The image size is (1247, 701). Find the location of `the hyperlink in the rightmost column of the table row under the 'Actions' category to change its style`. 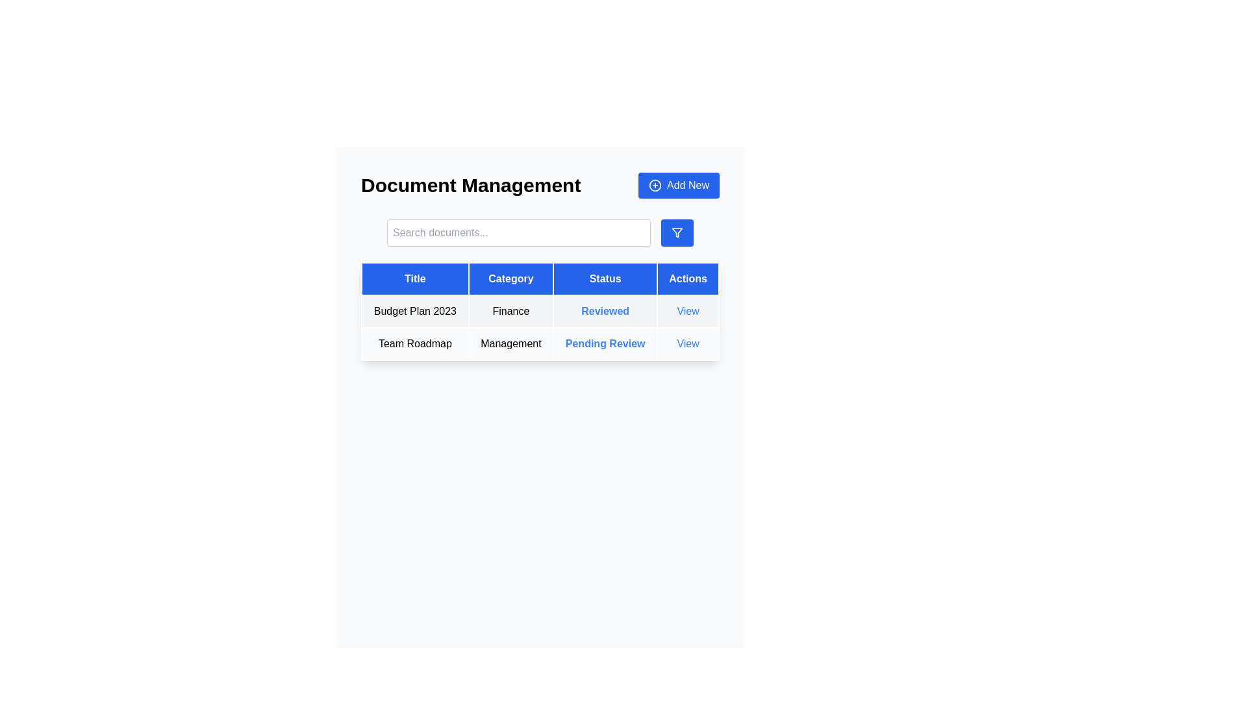

the hyperlink in the rightmost column of the table row under the 'Actions' category to change its style is located at coordinates (687, 343).